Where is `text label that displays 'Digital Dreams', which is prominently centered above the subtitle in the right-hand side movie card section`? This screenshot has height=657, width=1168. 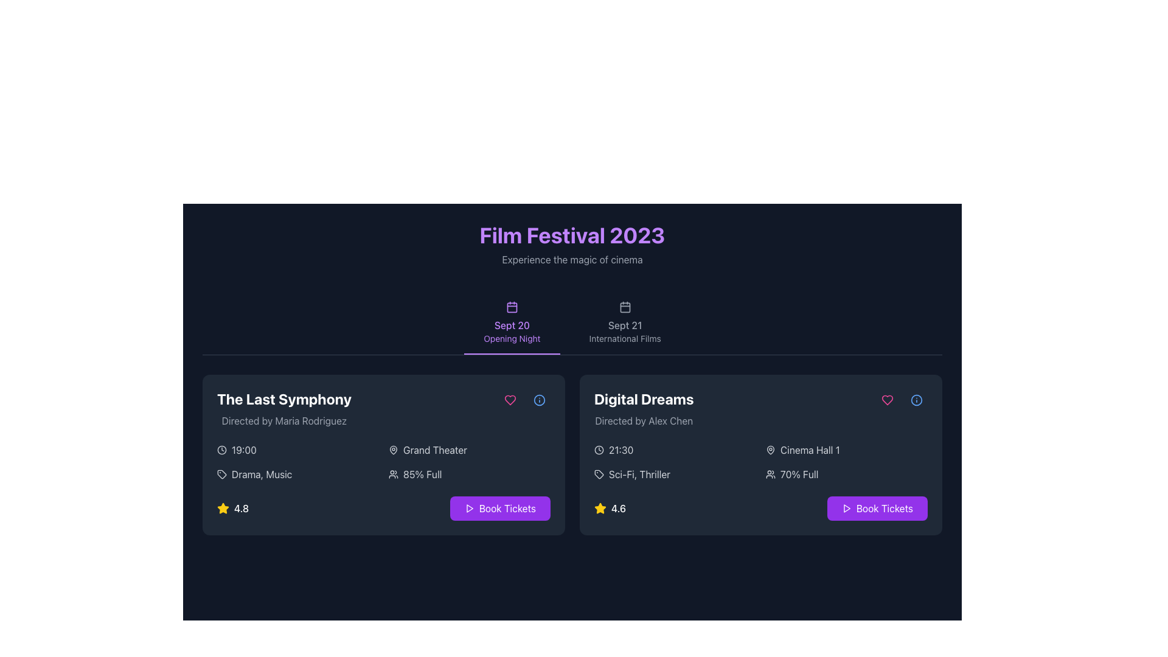
text label that displays 'Digital Dreams', which is prominently centered above the subtitle in the right-hand side movie card section is located at coordinates (643, 398).